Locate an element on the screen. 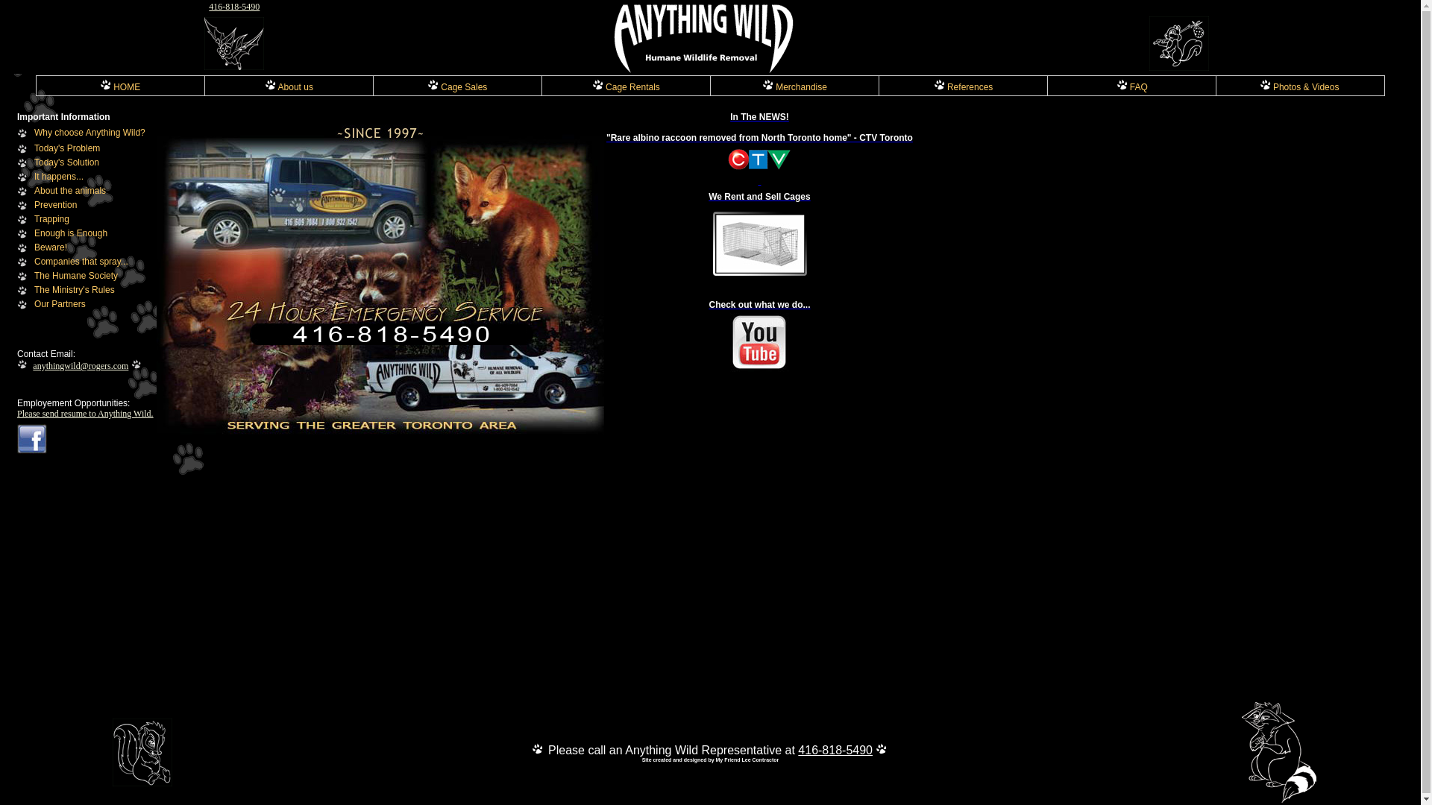 The image size is (1432, 805). 'Check out what we do...' is located at coordinates (759, 335).